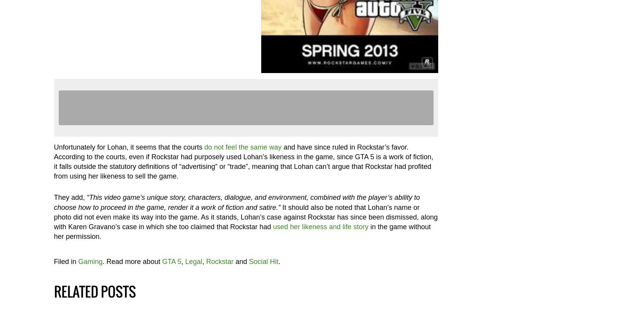  Describe the element at coordinates (194, 261) in the screenshot. I see `'Legal'` at that location.